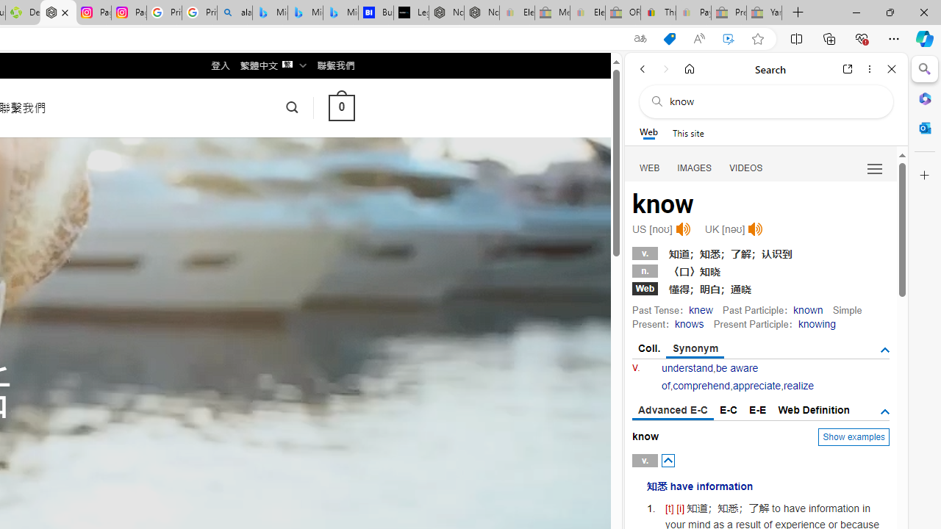 This screenshot has height=529, width=941. Describe the element at coordinates (270, 12) in the screenshot. I see `'Microsoft Bing Travel - Flights from Hong Kong to Bangkok'` at that location.